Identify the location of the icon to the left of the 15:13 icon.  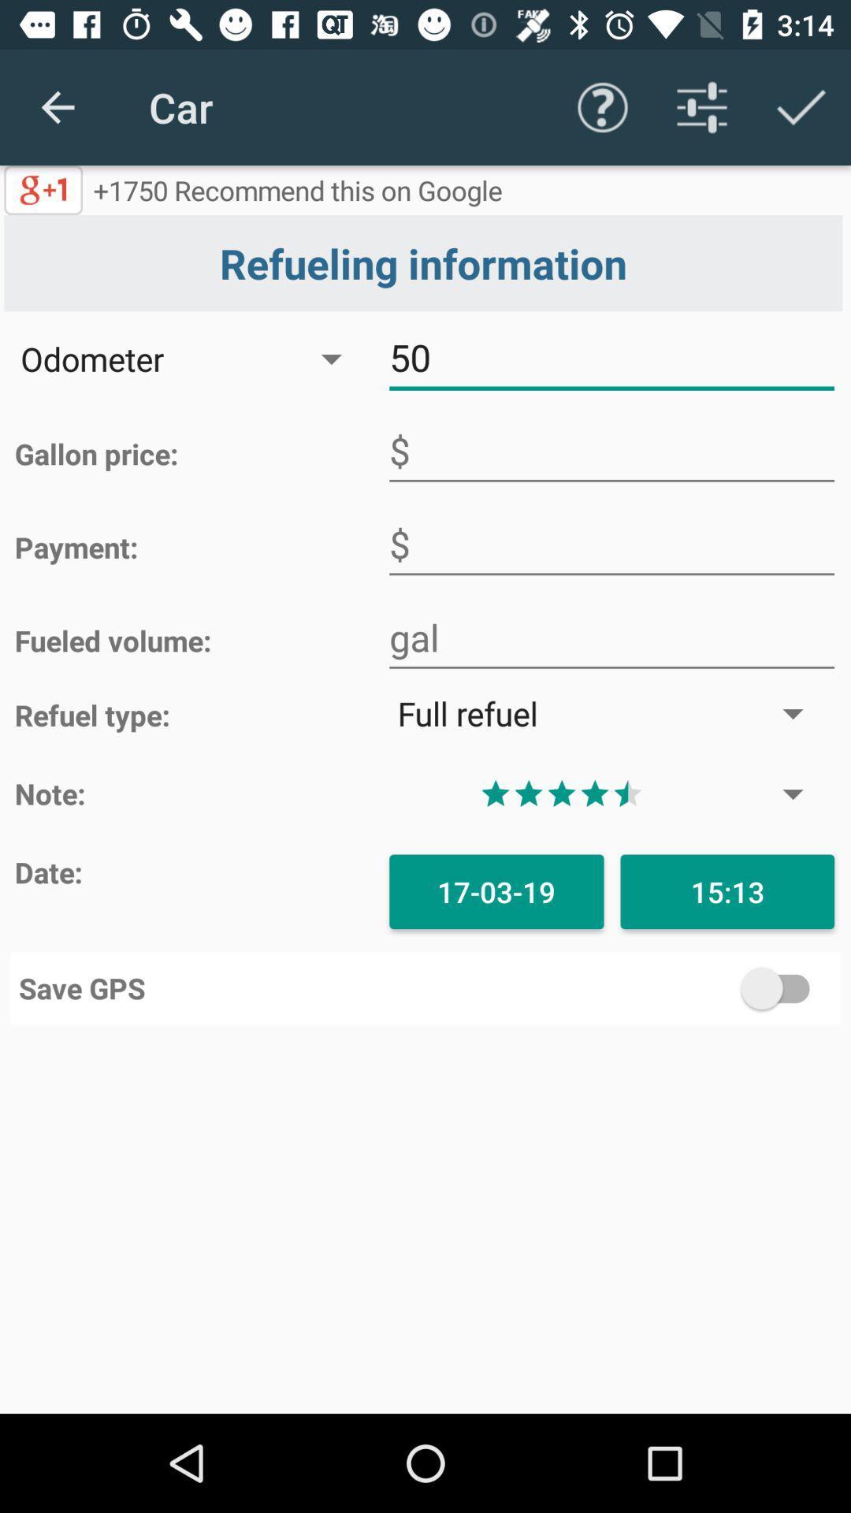
(496, 891).